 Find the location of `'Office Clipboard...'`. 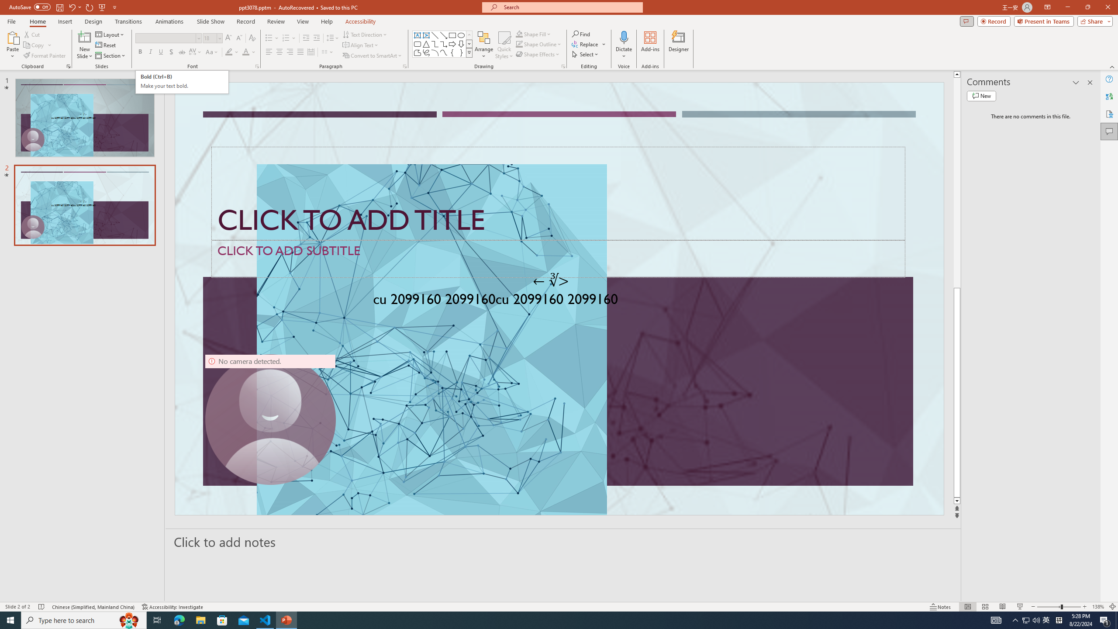

'Office Clipboard...' is located at coordinates (68, 66).